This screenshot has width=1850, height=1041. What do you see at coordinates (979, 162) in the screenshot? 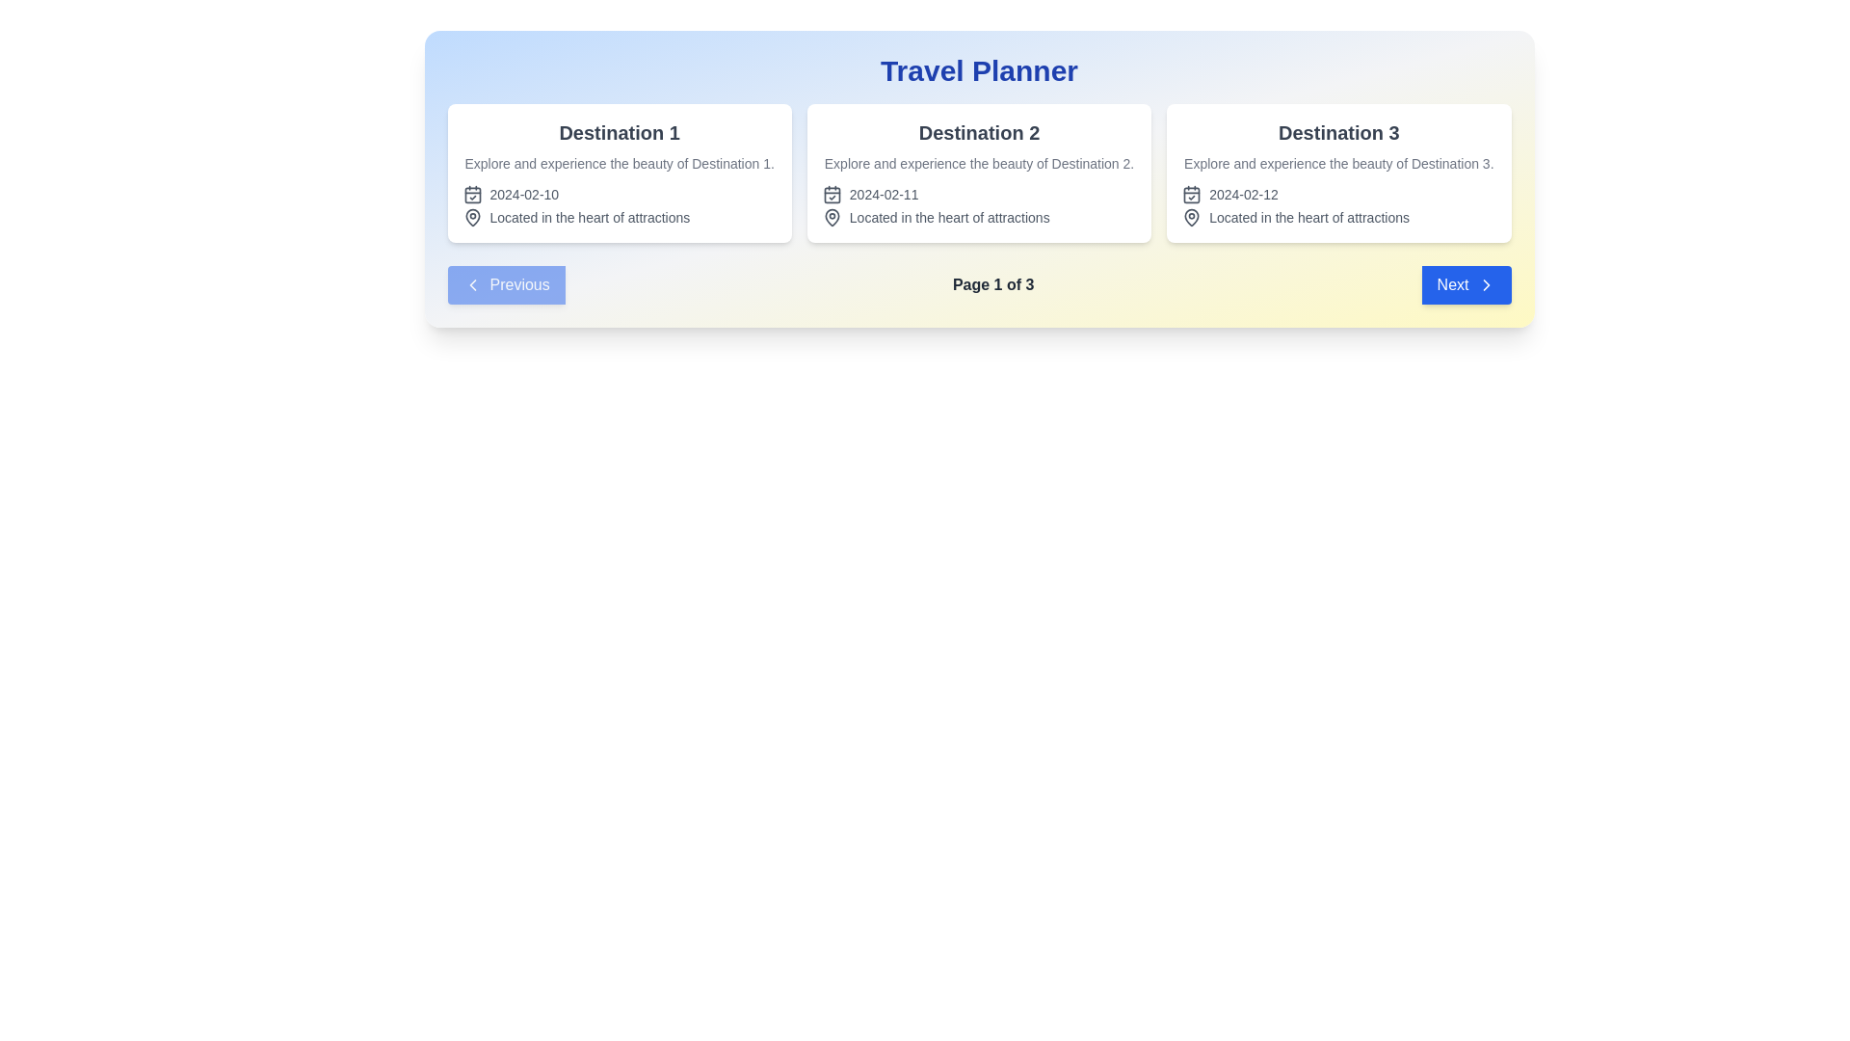
I see `descriptive text block that displays 'Explore and experience the beauty of Destination 2.' located within the 'Destination 2' card, positioned below the title and above the date and location information` at bounding box center [979, 162].